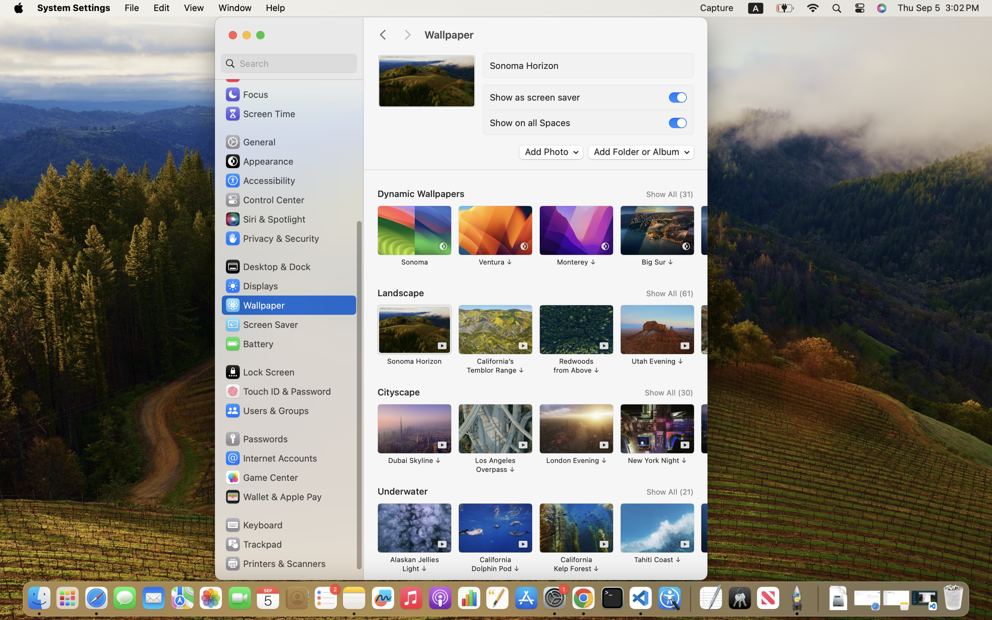 The height and width of the screenshot is (620, 992). Describe the element at coordinates (402, 490) in the screenshot. I see `'Underwater'` at that location.